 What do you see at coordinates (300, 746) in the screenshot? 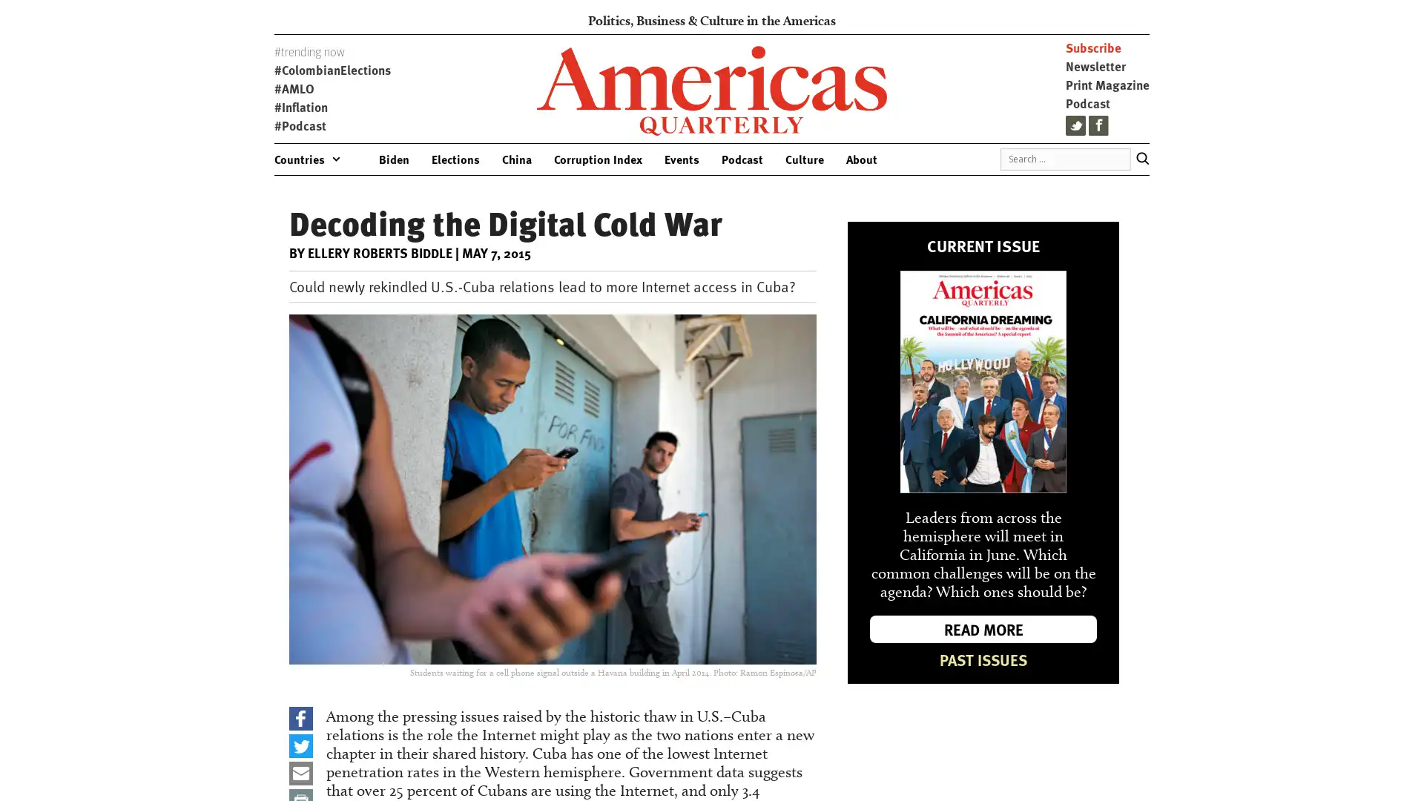
I see `Share to Twitter` at bounding box center [300, 746].